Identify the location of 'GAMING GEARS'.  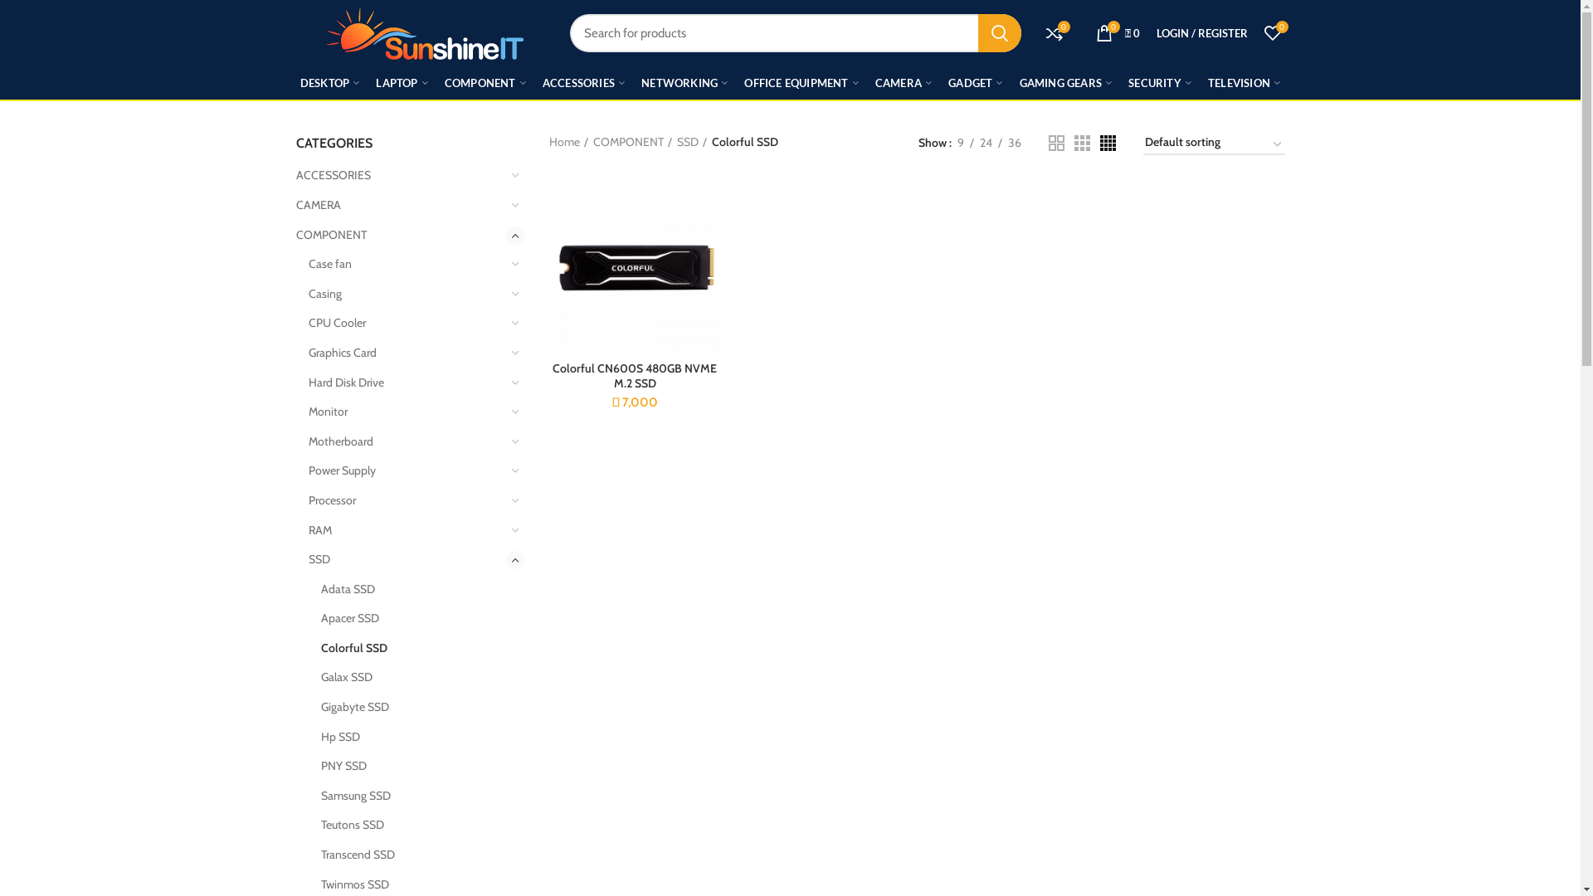
(1066, 83).